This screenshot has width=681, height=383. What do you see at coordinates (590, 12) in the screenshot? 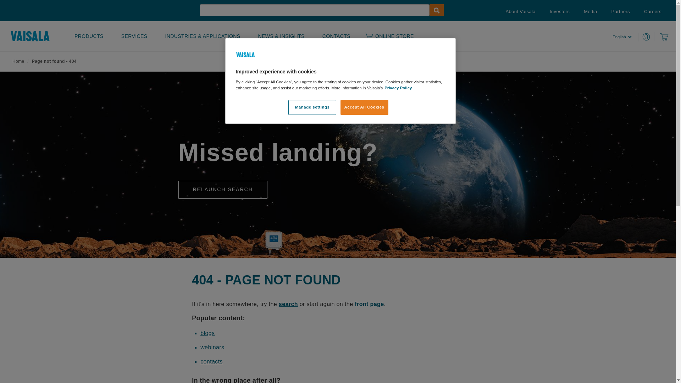
I see `'Media'` at bounding box center [590, 12].